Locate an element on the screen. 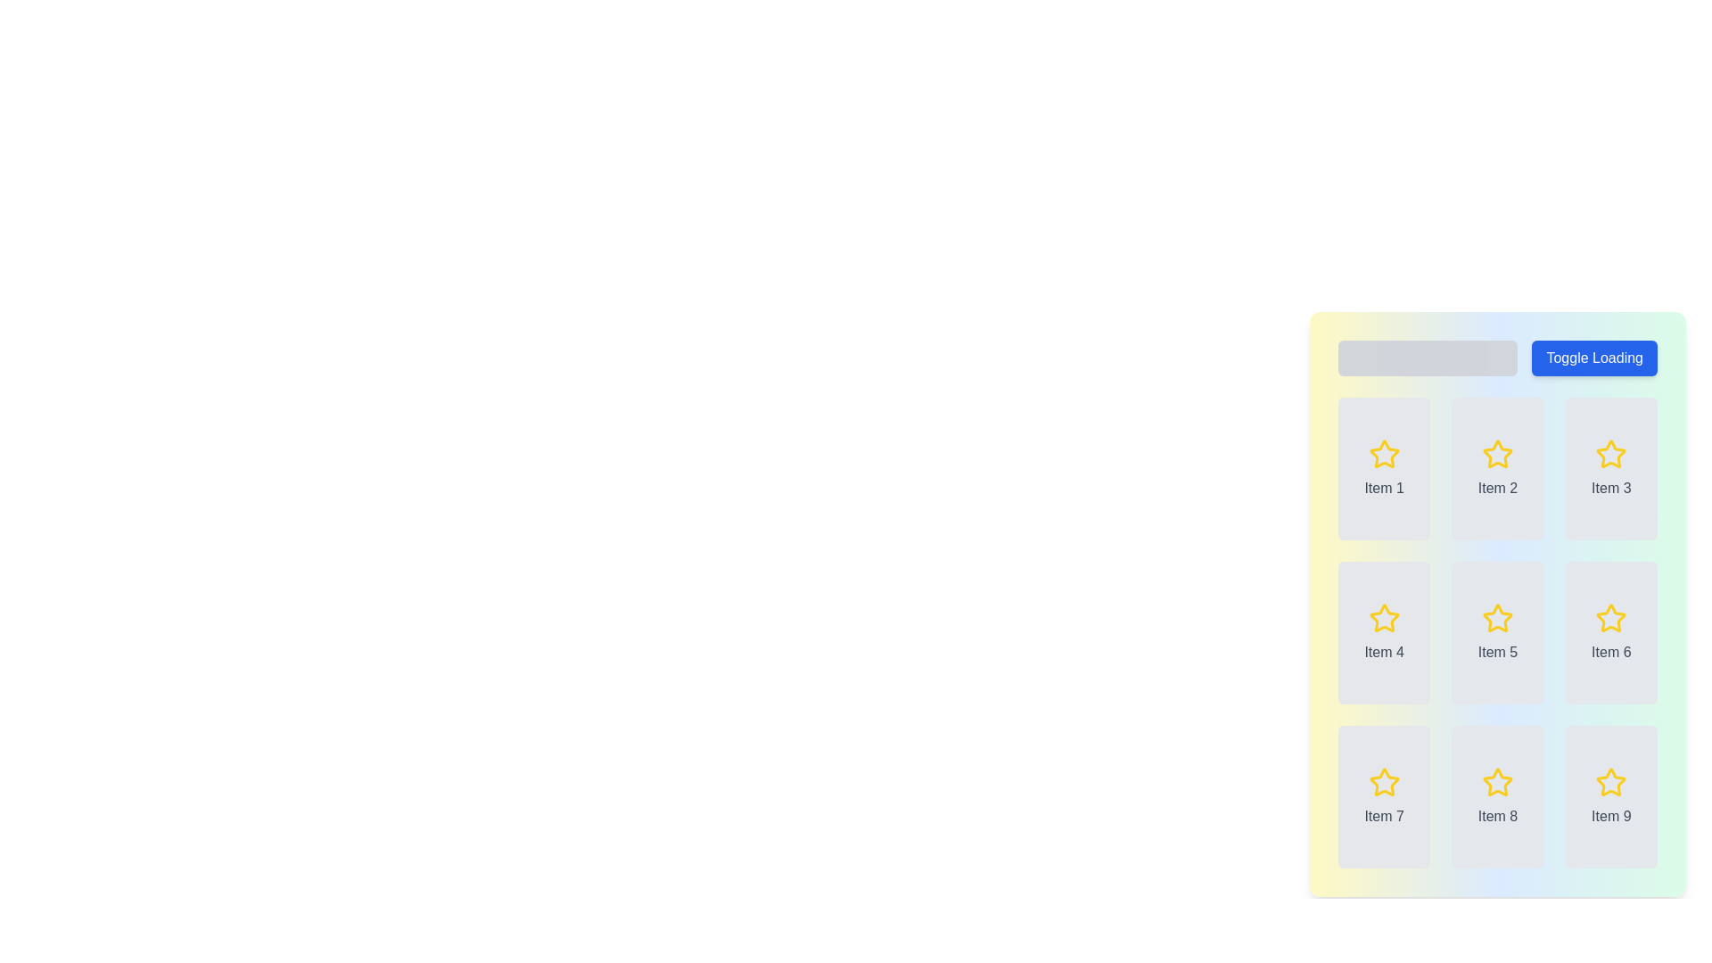 This screenshot has width=1712, height=963. the interactive card located in the second row and third column of the grid, positioned between 'Item 5' and 'Item 7' is located at coordinates (1611, 631).